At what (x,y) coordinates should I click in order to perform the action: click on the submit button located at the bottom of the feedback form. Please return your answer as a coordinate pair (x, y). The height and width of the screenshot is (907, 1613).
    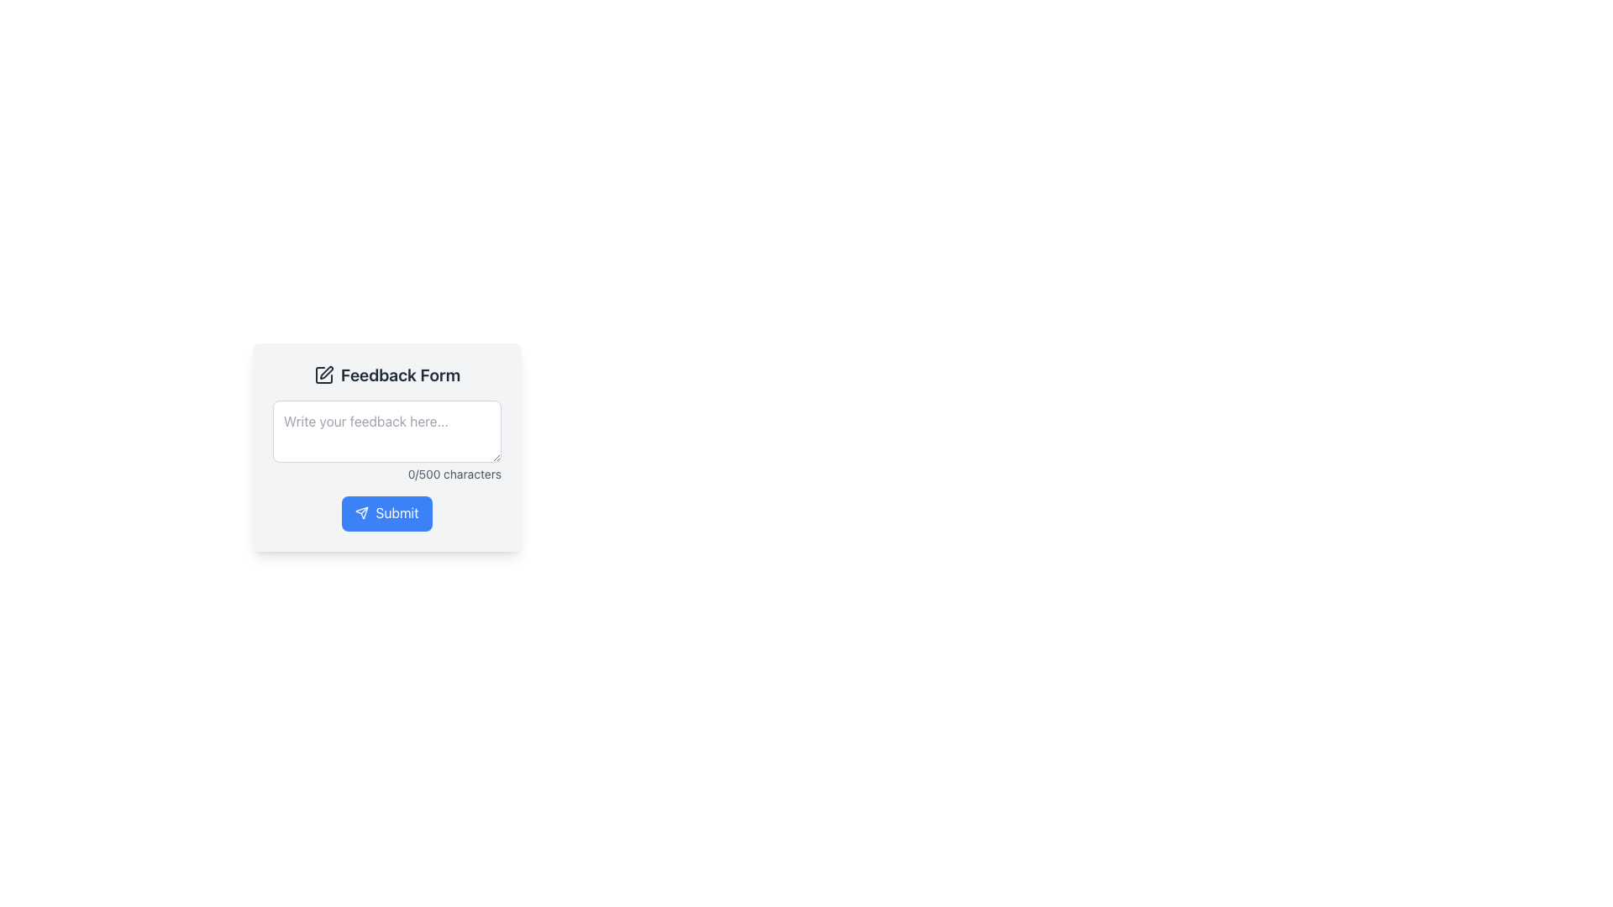
    Looking at the image, I should click on (386, 513).